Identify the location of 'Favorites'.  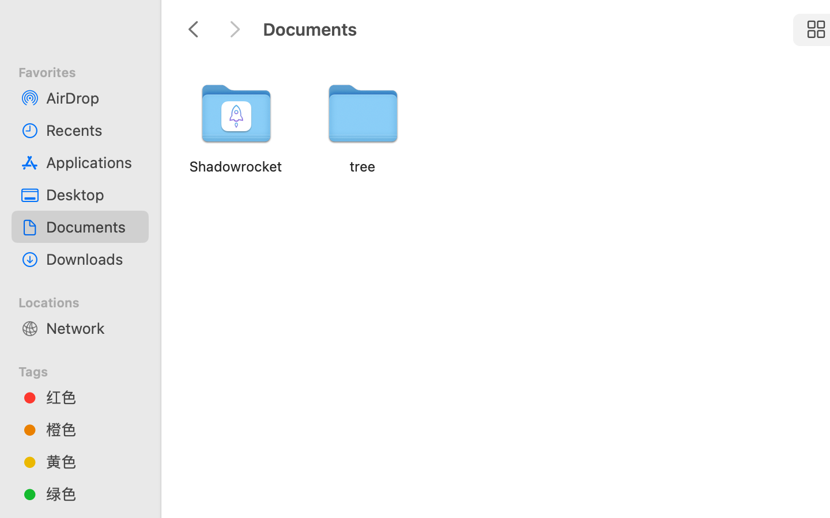
(86, 71).